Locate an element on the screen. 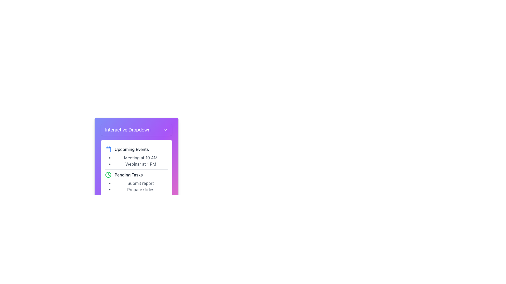 The width and height of the screenshot is (506, 284). the decorative Circle SVG element that forms the outer boundary of the clock icon in the 'Pending Tasks' section of the dropdown menu is located at coordinates (108, 175).